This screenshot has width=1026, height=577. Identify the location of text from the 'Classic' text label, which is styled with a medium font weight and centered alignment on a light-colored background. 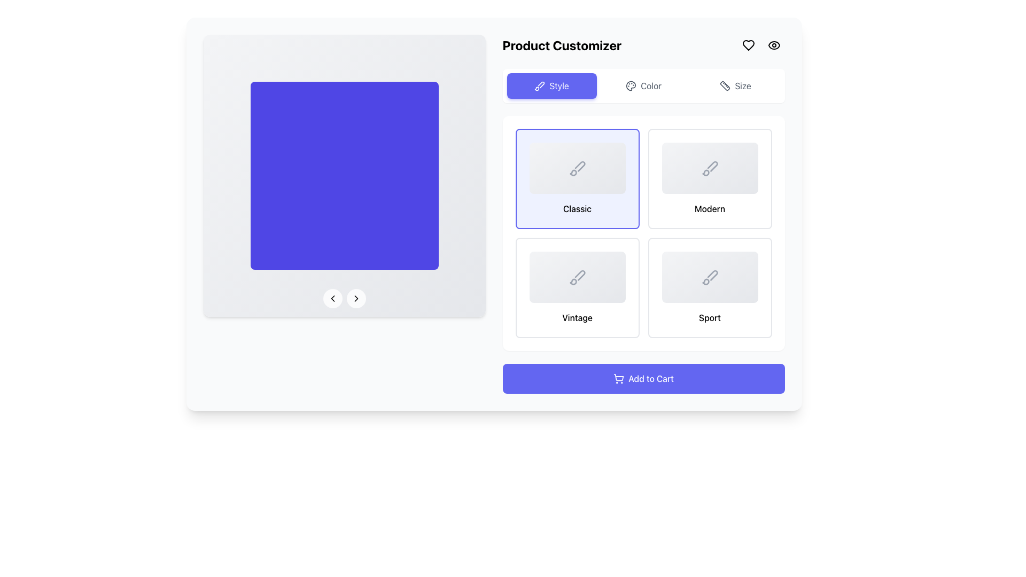
(577, 208).